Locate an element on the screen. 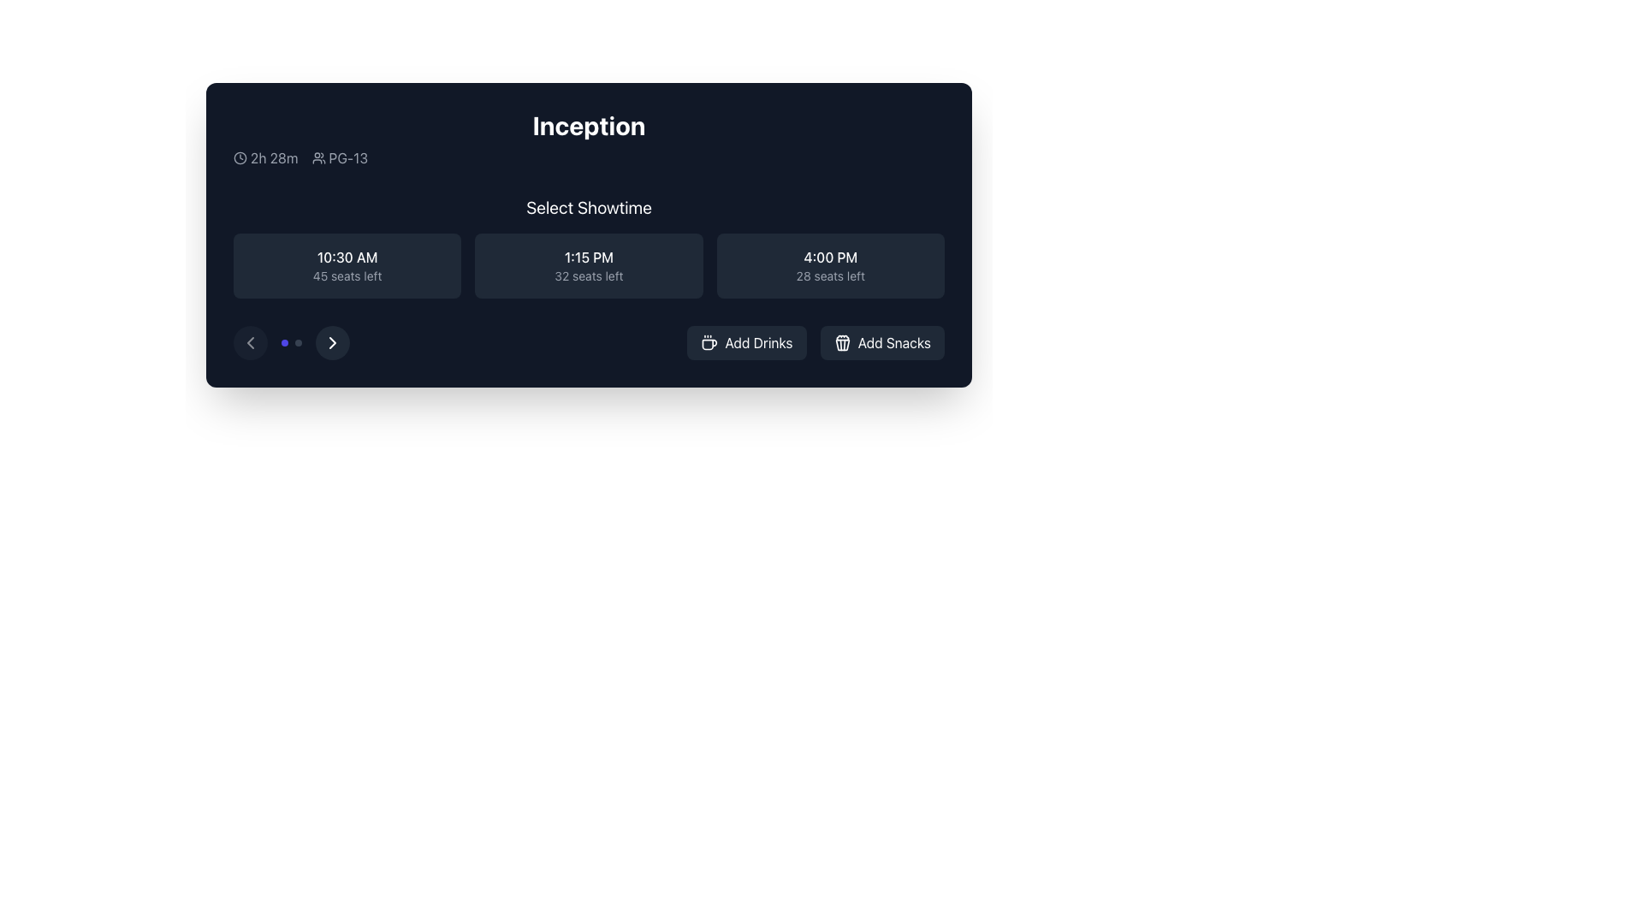 This screenshot has width=1643, height=924. the Navigation icon located at the bottom left corner of the user interface section is located at coordinates (249, 343).